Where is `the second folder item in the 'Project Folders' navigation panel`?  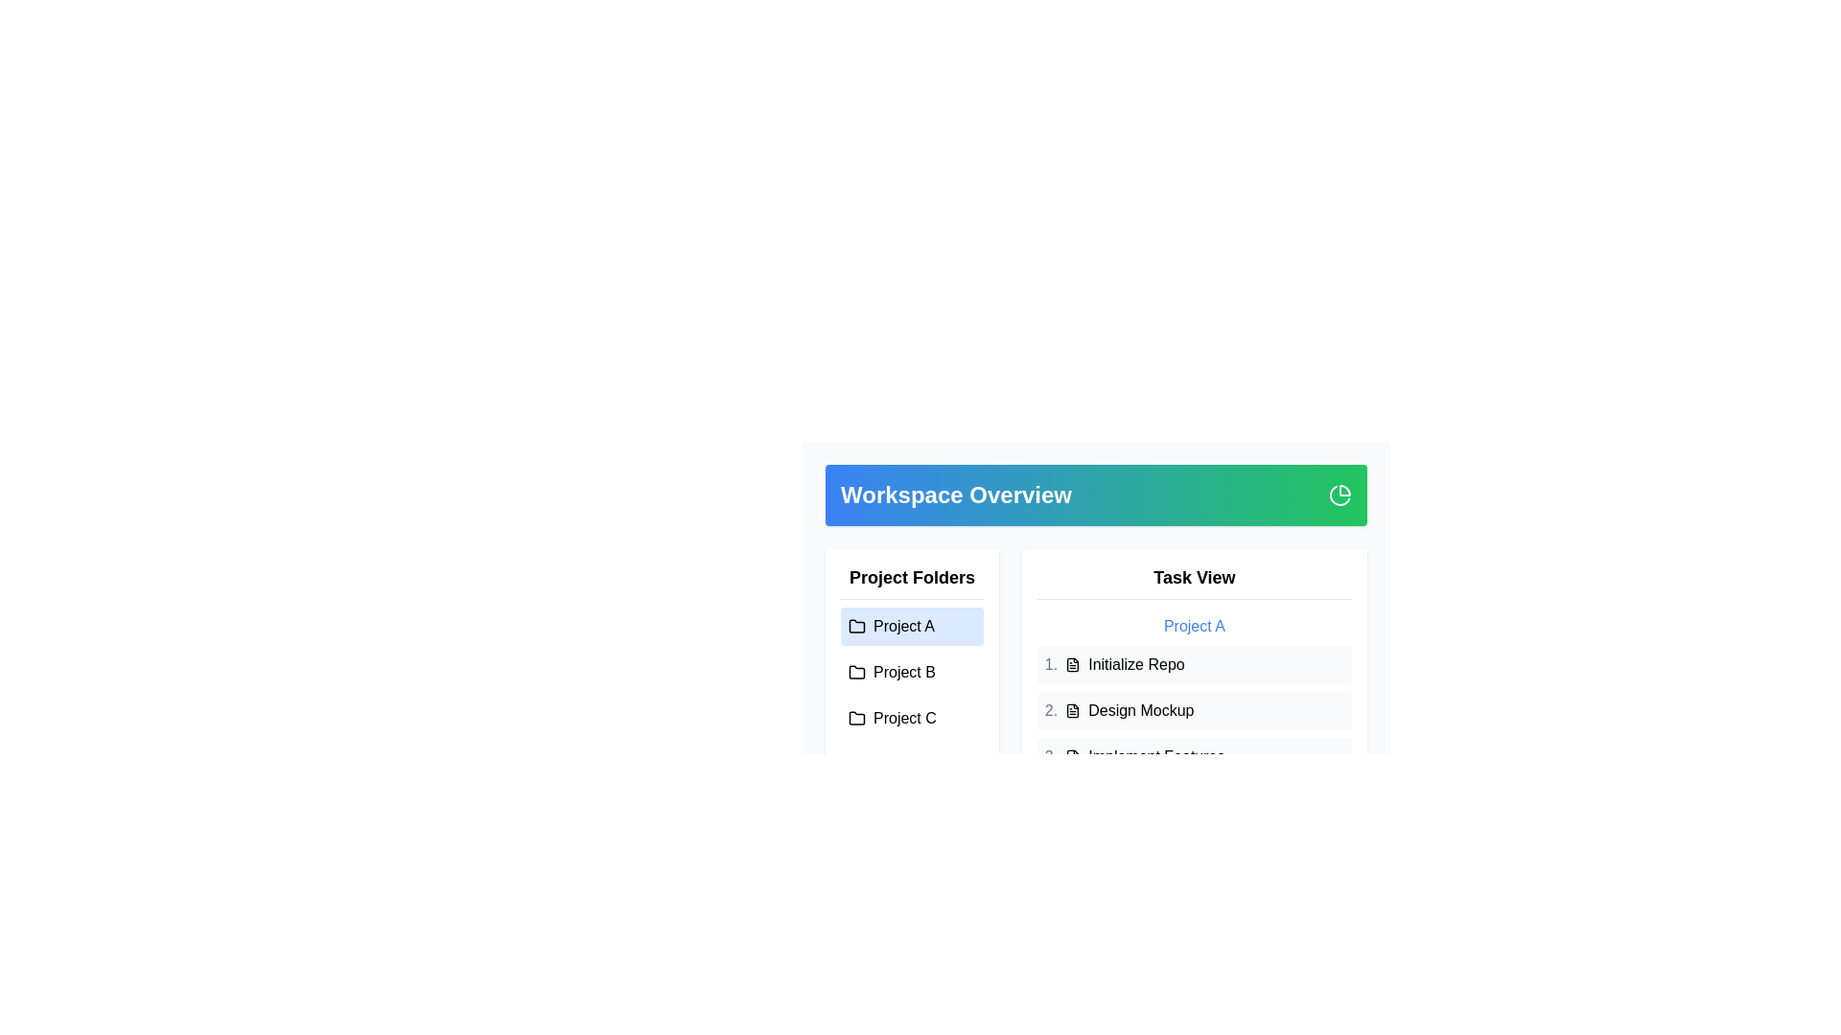
the second folder item in the 'Project Folders' navigation panel is located at coordinates (911, 669).